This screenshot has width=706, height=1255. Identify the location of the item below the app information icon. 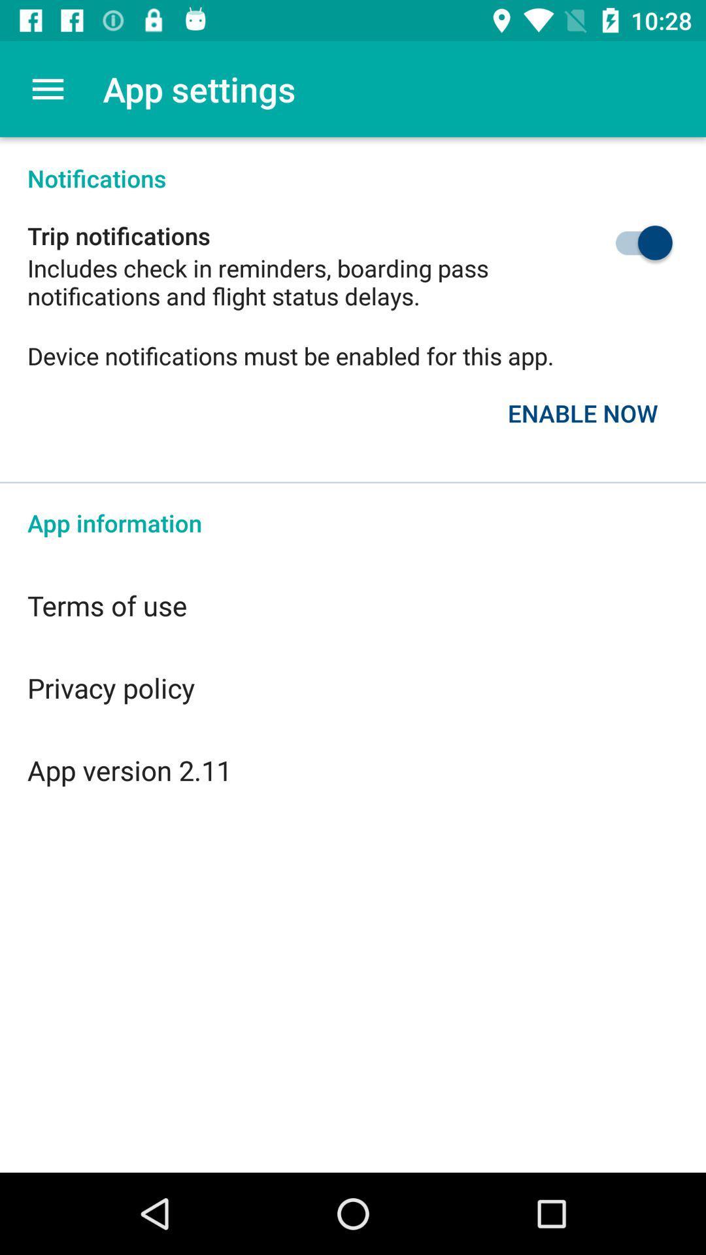
(353, 605).